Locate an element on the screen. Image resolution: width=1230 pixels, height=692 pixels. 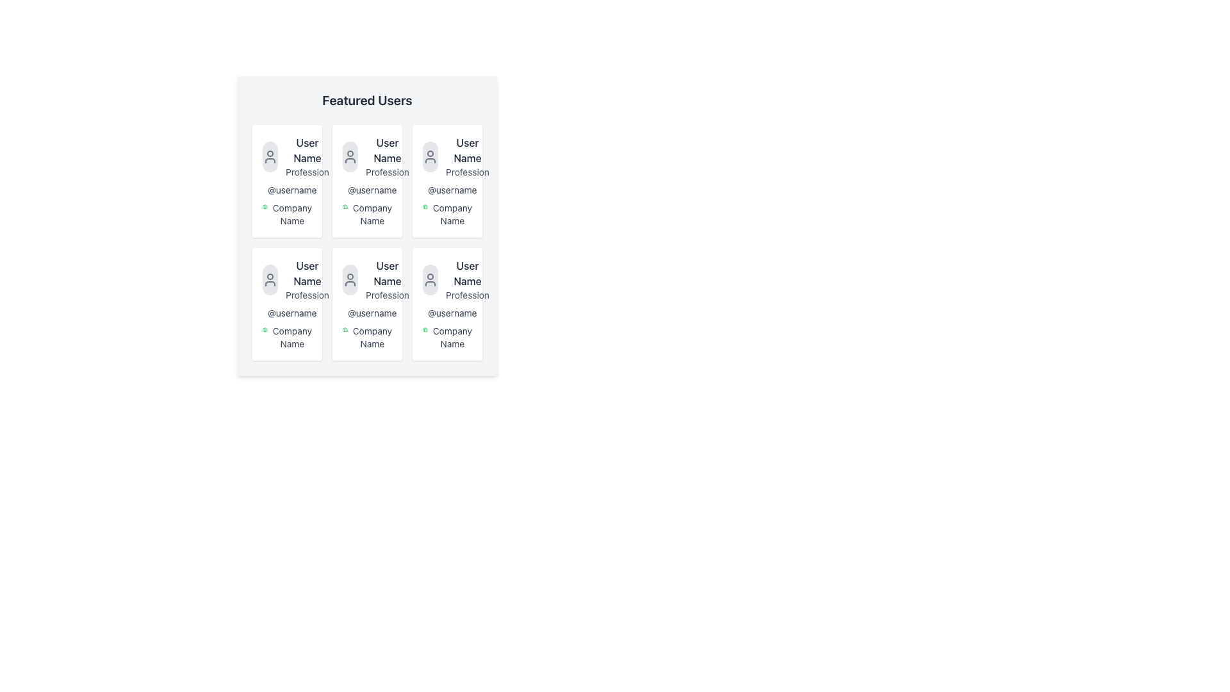
the green briefcase icon located adjacent to the text 'Company Name' in the sixth user card of the grid layout is located at coordinates (345, 329).